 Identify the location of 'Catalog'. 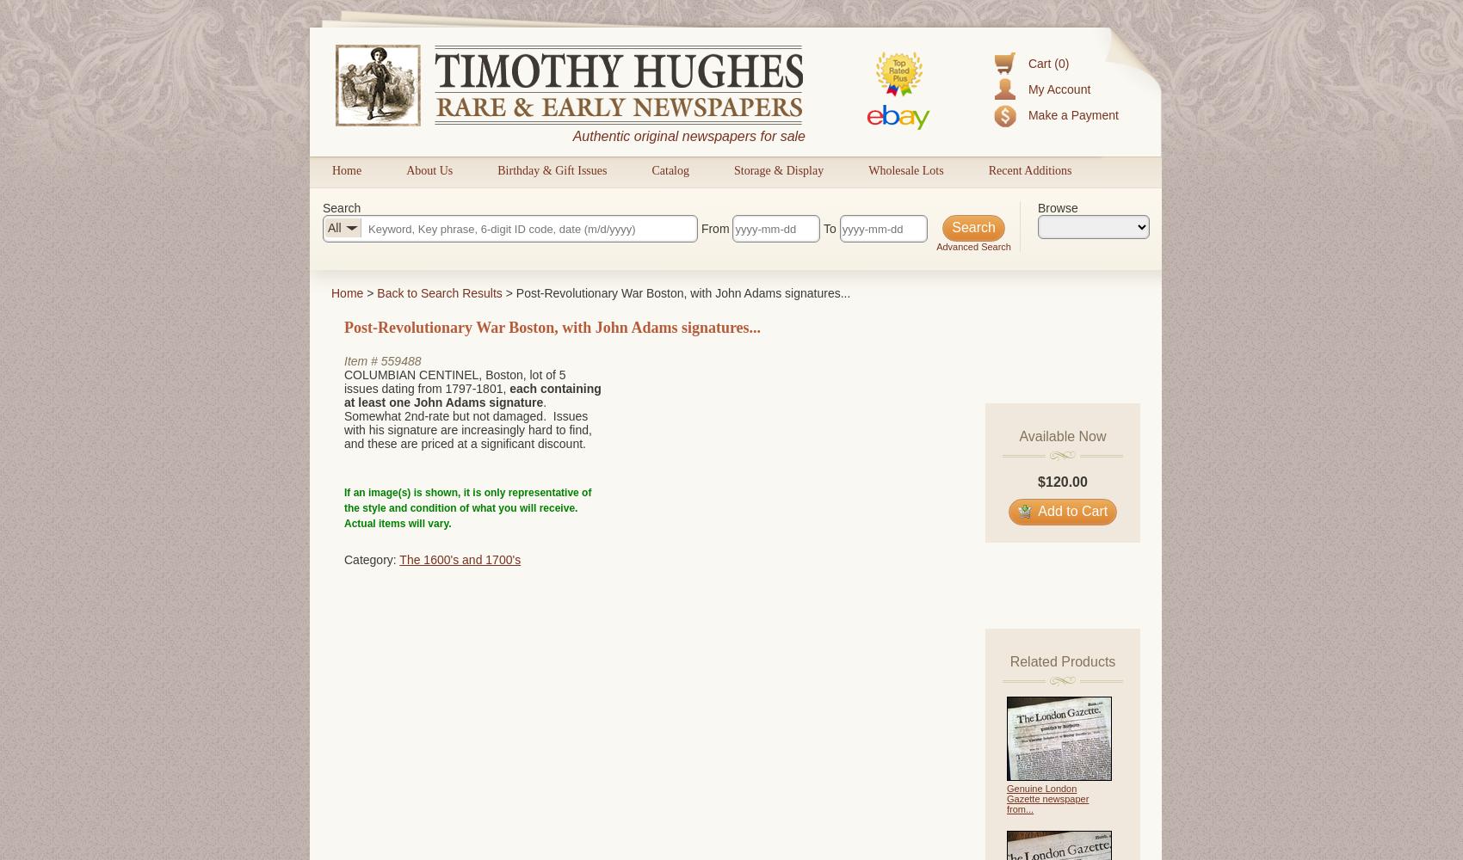
(669, 169).